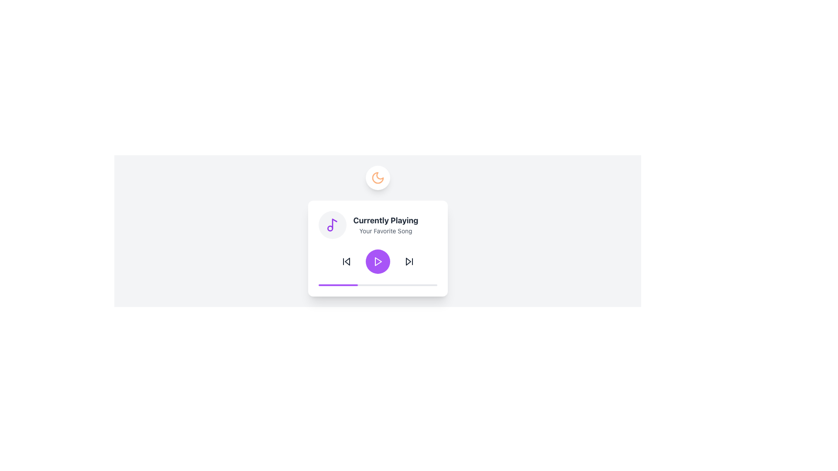 This screenshot has height=471, width=838. Describe the element at coordinates (378, 261) in the screenshot. I see `the play button in the music player interface` at that location.